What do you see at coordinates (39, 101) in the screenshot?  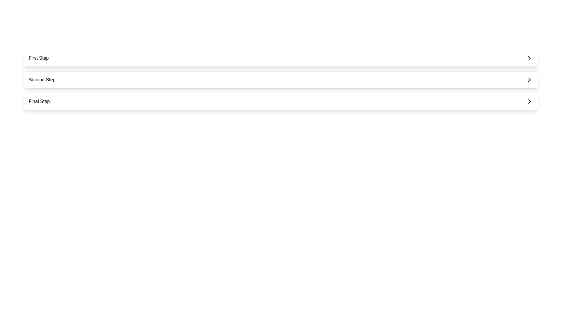 I see `the 'Final Step' text label located in the third card of a vertically stacked list, which indicates the last step in a sequential process` at bounding box center [39, 101].